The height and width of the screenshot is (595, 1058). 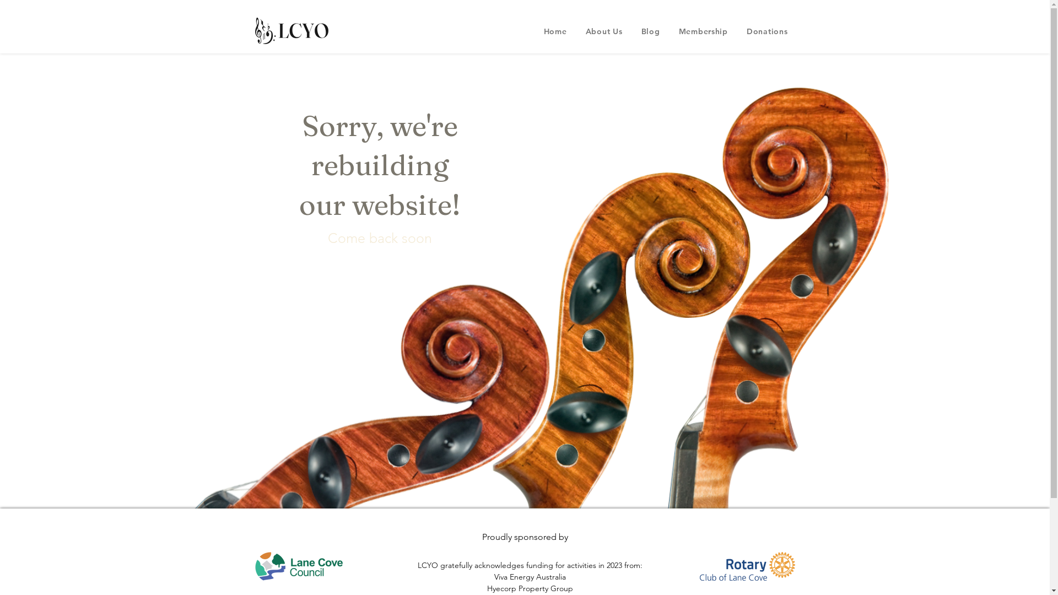 I want to click on 'About Us', so click(x=603, y=31).